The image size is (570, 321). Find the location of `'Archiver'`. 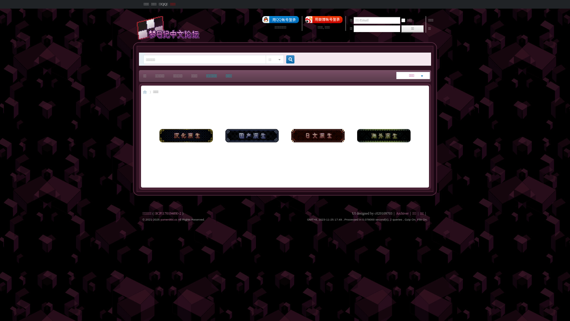

'Archiver' is located at coordinates (402, 213).